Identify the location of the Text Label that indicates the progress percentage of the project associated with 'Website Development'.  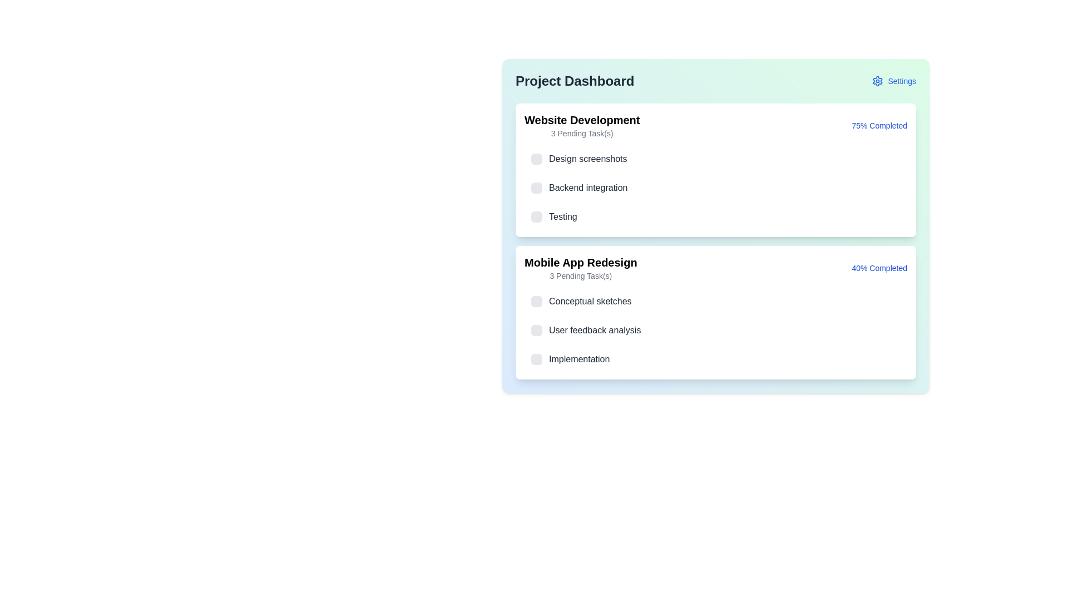
(879, 125).